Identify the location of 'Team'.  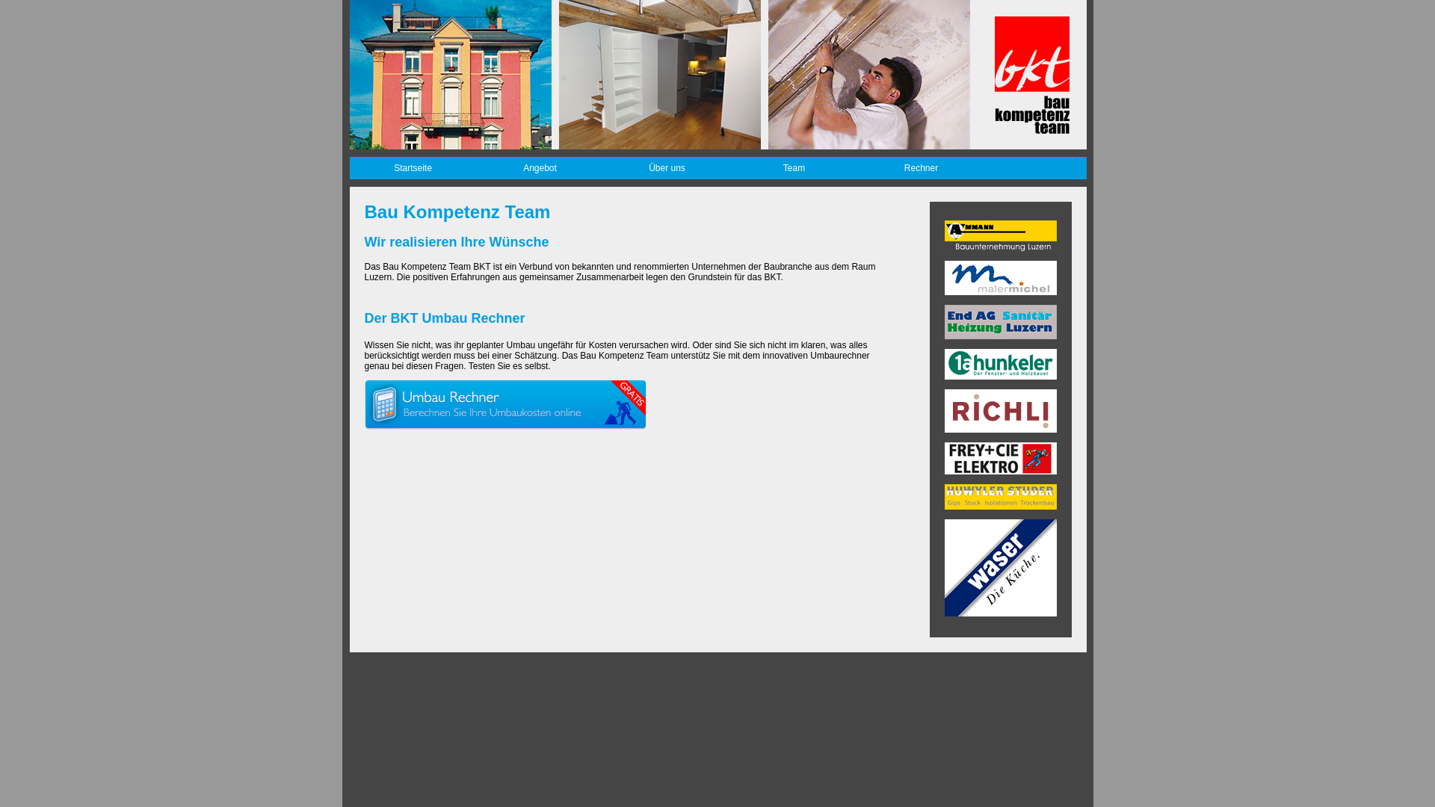
(793, 167).